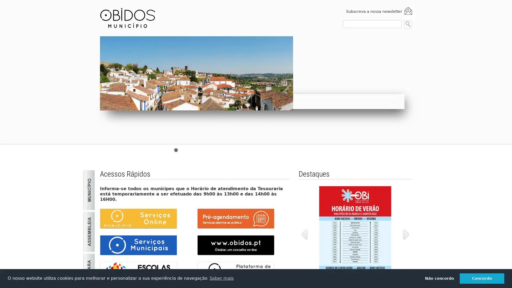 The height and width of the screenshot is (288, 512). What do you see at coordinates (482, 278) in the screenshot?
I see `allow cookies` at bounding box center [482, 278].